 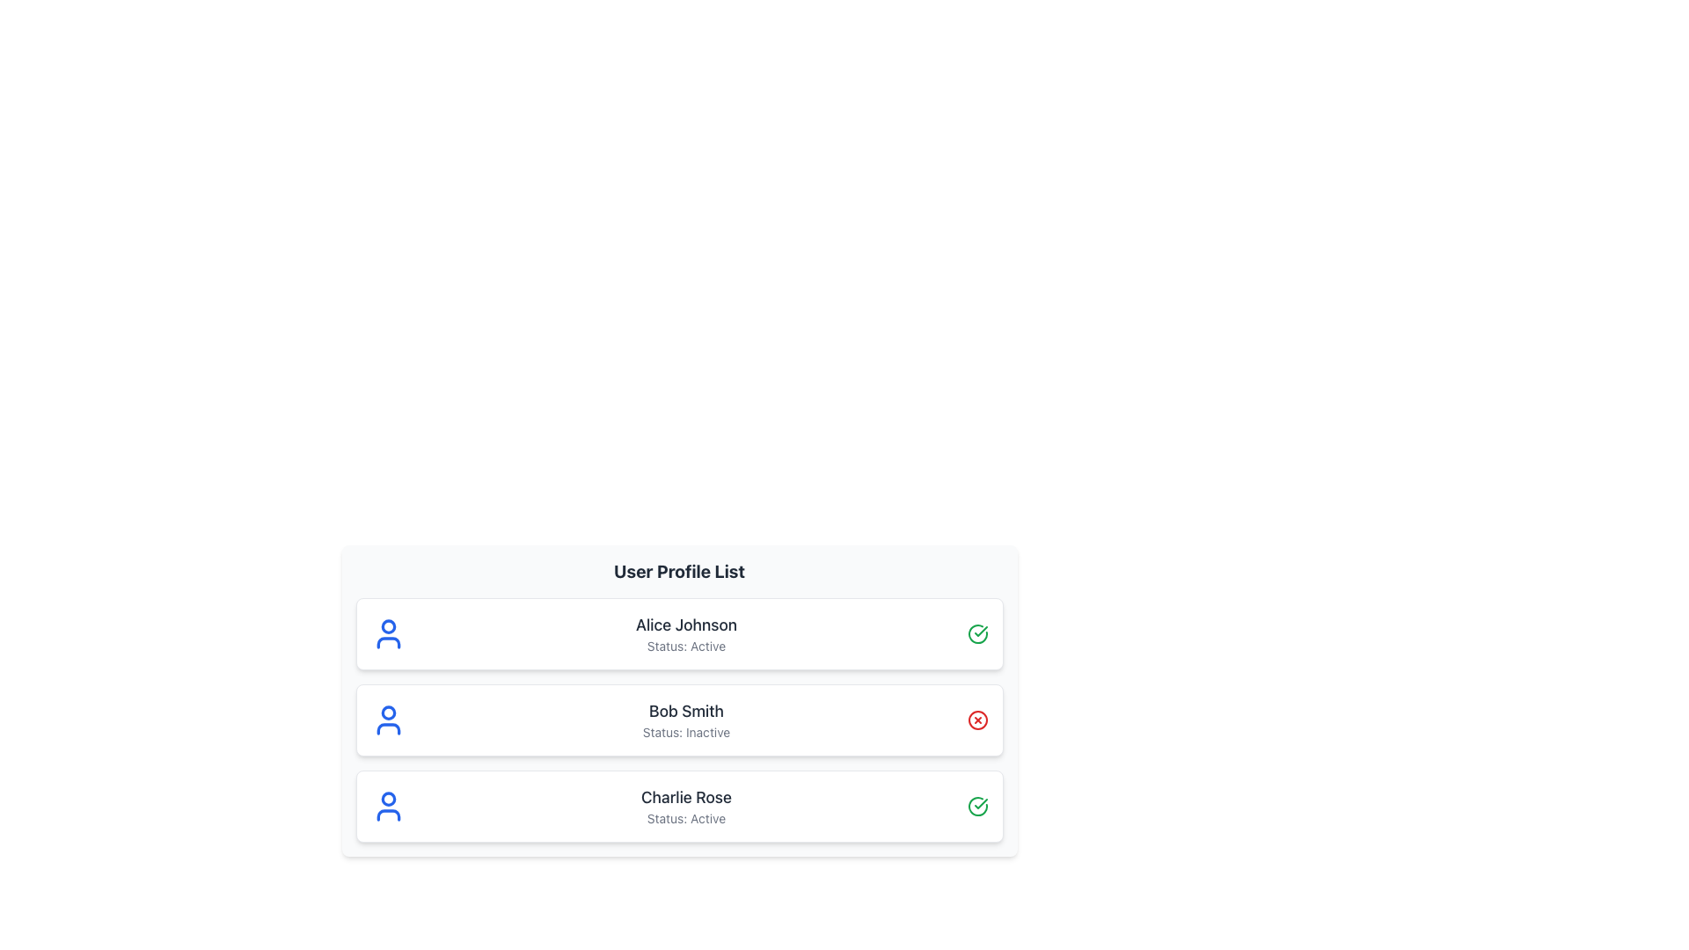 I want to click on the user profile icon representing 'Charlie Rose' in the user profile list, which is visually aligned to the left of the text 'Status: Active', so click(x=387, y=807).